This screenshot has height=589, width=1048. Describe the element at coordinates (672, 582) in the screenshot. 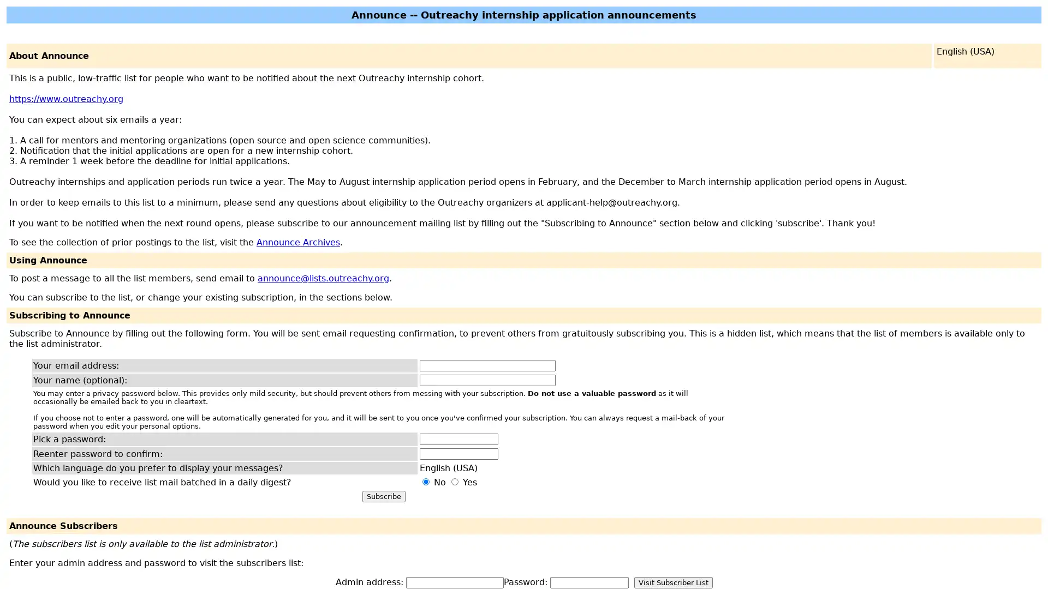

I see `Visit Subscriber List` at that location.